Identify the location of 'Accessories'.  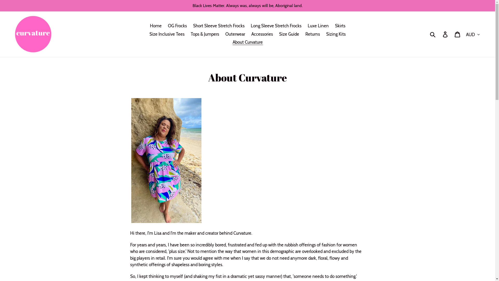
(262, 34).